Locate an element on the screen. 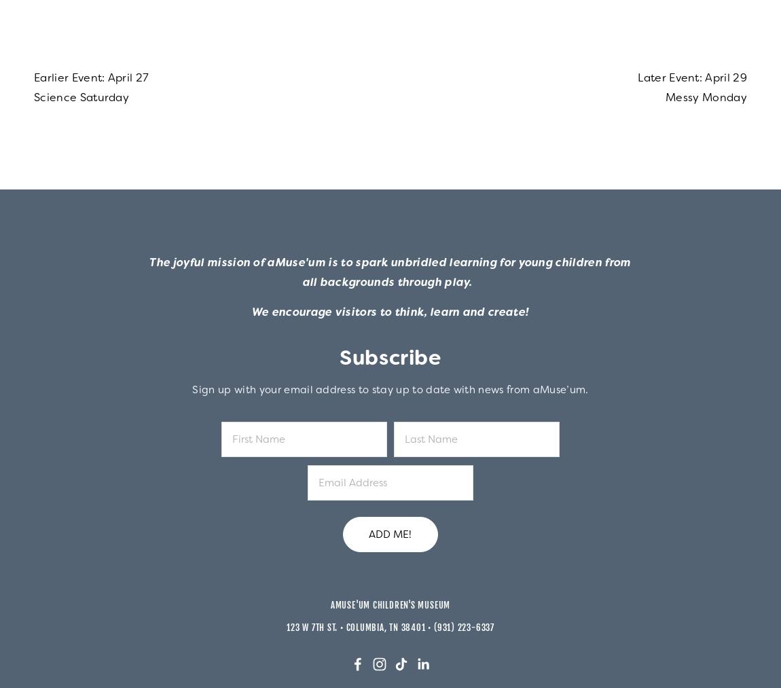  'Science Saturday' is located at coordinates (80, 97).